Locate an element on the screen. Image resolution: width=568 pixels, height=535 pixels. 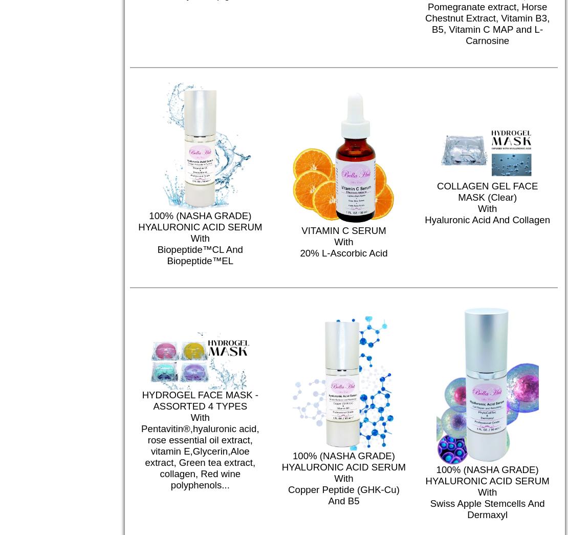
'This has really shrunk my pore size and softened my skin' is located at coordinates (282, 370).